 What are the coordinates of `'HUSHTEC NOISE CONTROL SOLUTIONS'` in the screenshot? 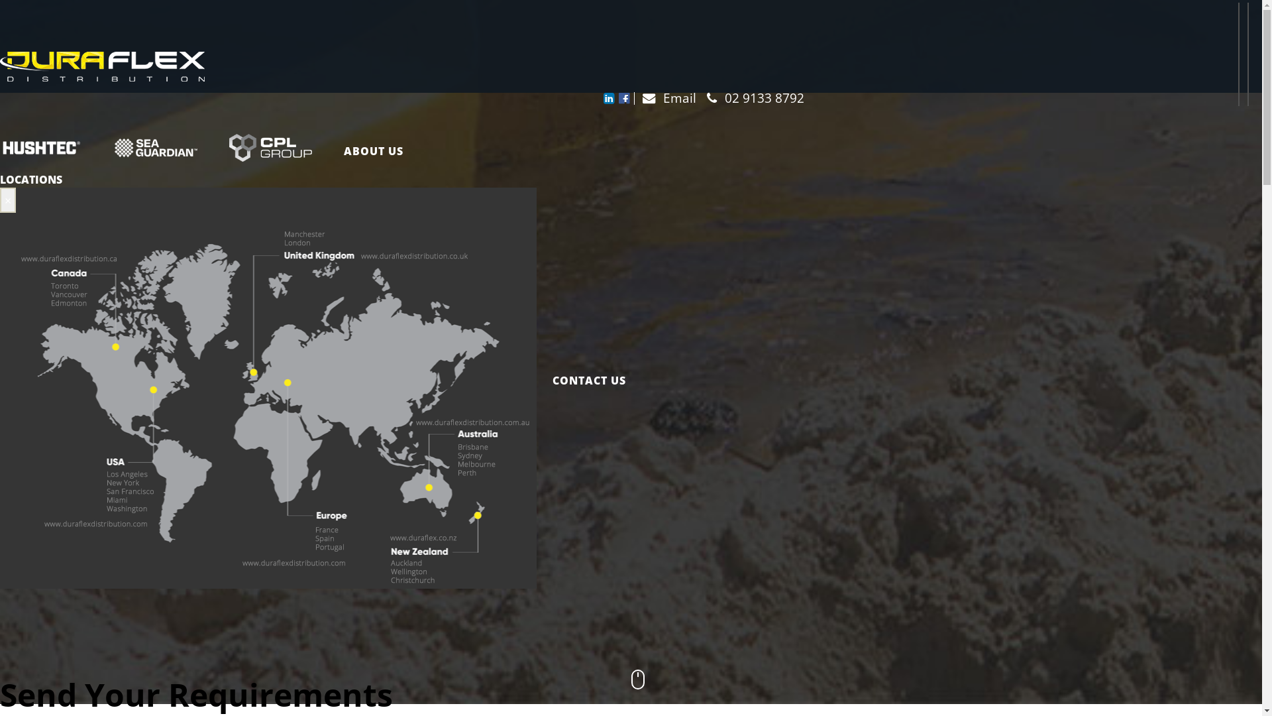 It's located at (49, 150).